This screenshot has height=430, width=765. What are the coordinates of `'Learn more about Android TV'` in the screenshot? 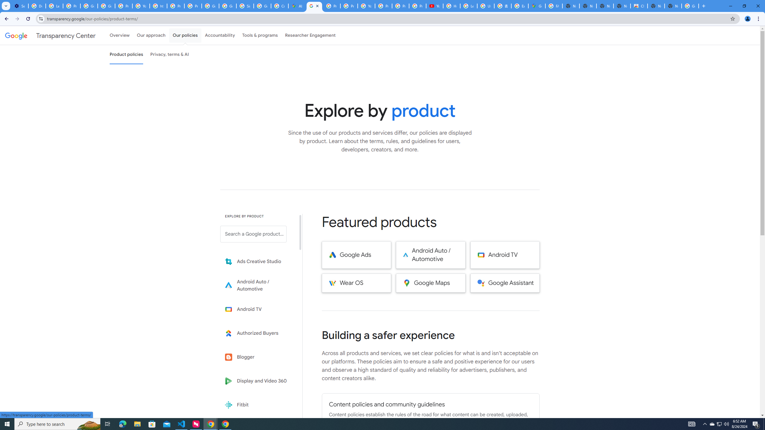 It's located at (257, 309).